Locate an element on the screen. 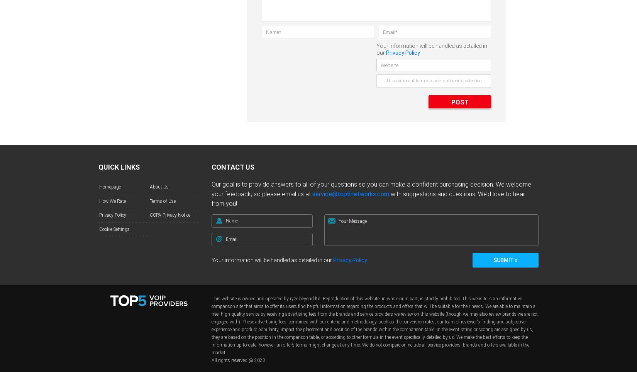  'Contact Us' is located at coordinates (210, 167).